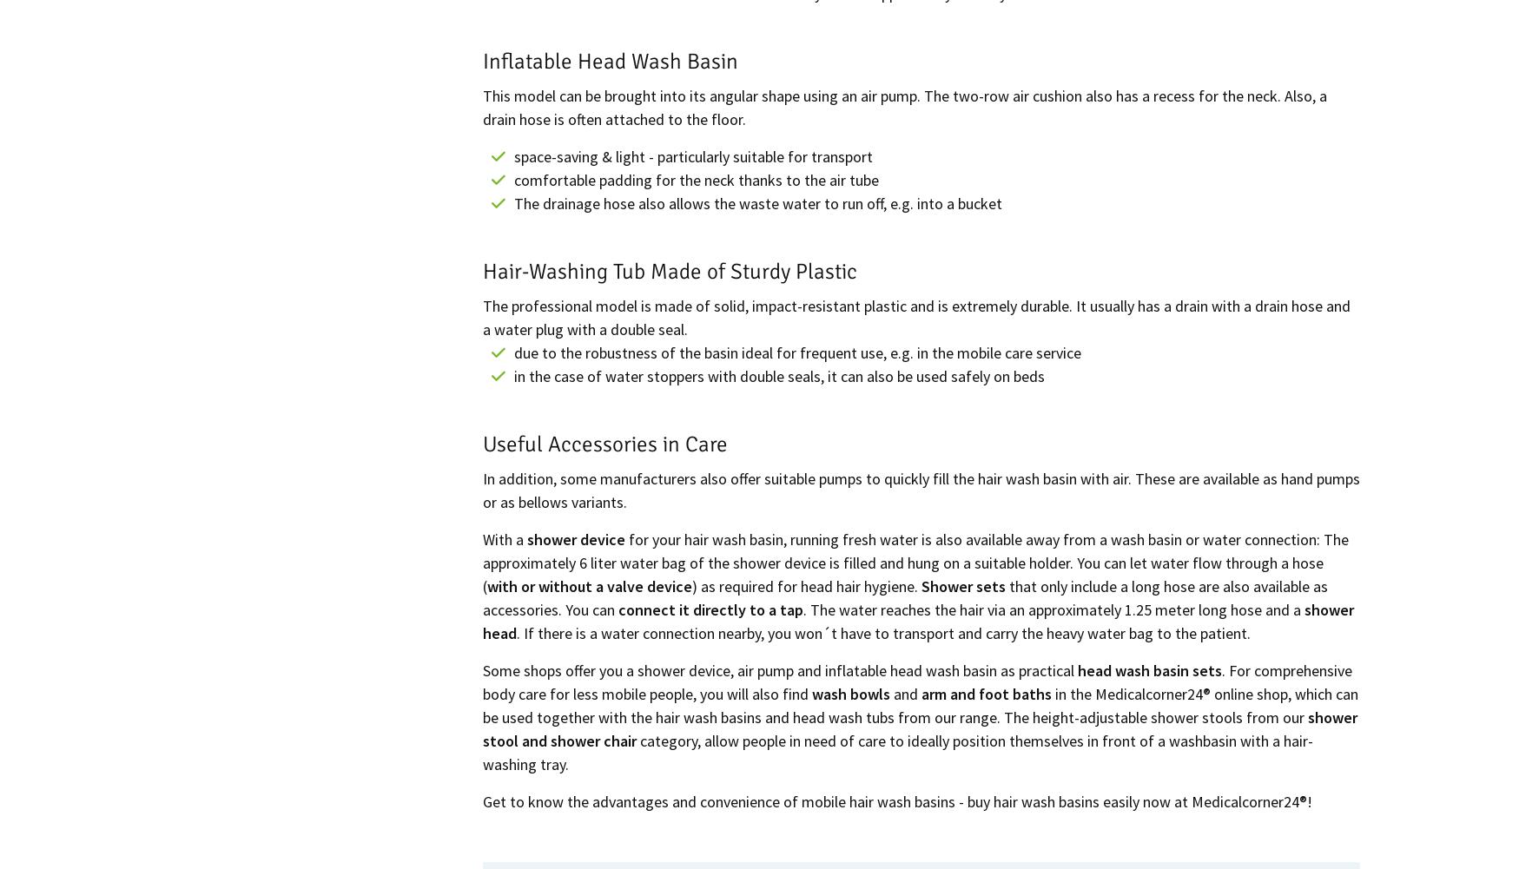  Describe the element at coordinates (986, 692) in the screenshot. I see `'arm and foot baths'` at that location.